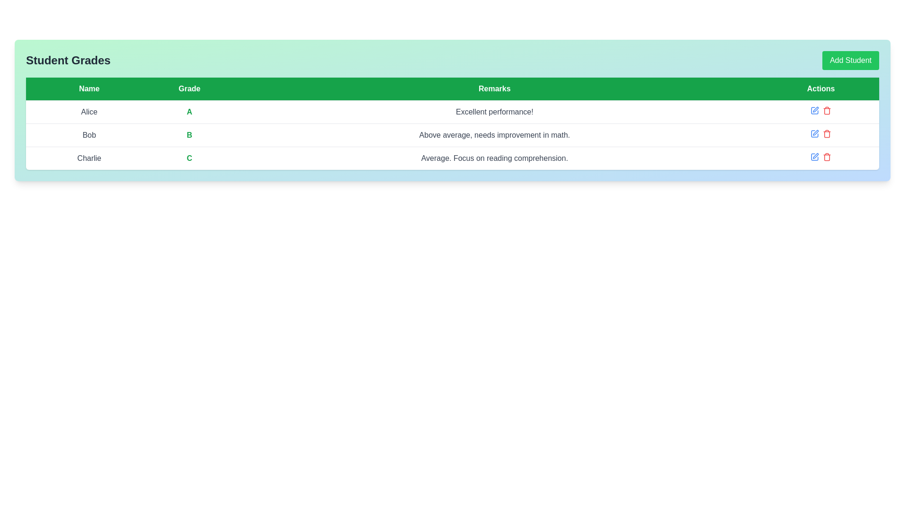 This screenshot has width=909, height=511. What do you see at coordinates (89, 158) in the screenshot?
I see `the static text label displaying the name 'Charlie' in the third row of the table under the 'Name' column` at bounding box center [89, 158].